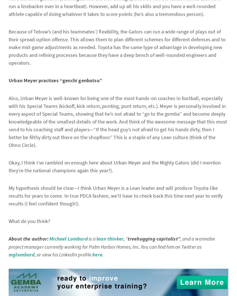 Image resolution: width=237 pixels, height=296 pixels. Describe the element at coordinates (96, 239) in the screenshot. I see `'lean thinker'` at that location.